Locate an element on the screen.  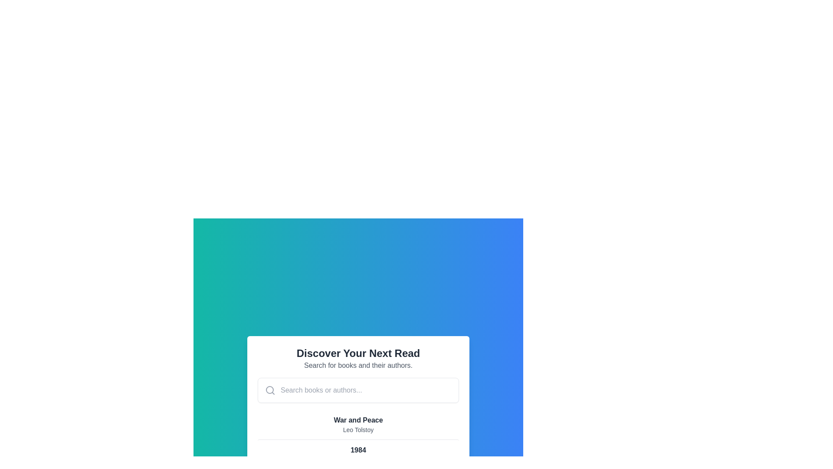
the bold text label displaying the number '1984', which is positioned below 'War and Peace' and above 'George Orwell' is located at coordinates (358, 450).